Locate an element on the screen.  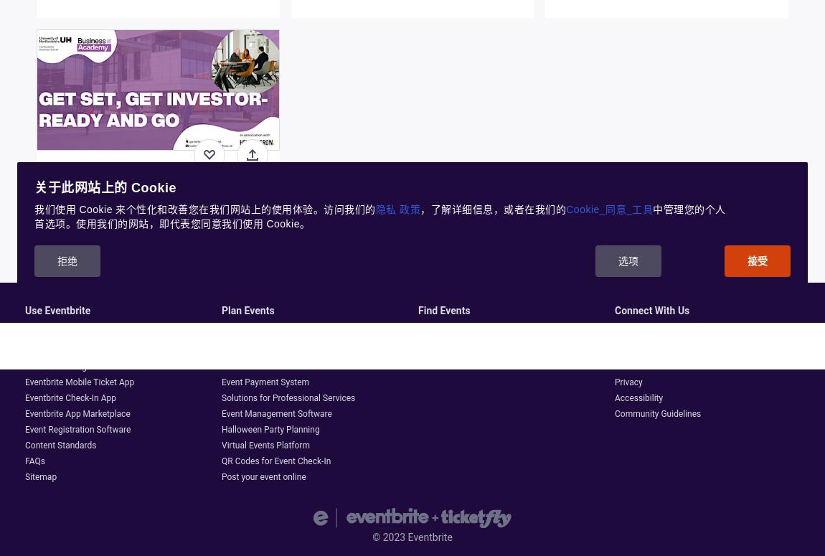
'Solutions for Professional Services' is located at coordinates (288, 397).